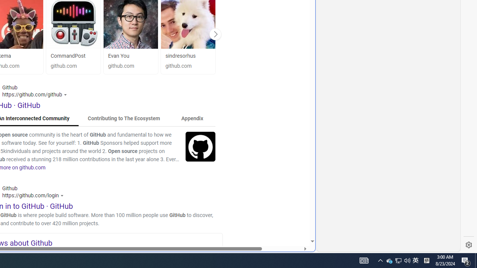 Image resolution: width=477 pixels, height=268 pixels. I want to click on 'Image', so click(200, 146).